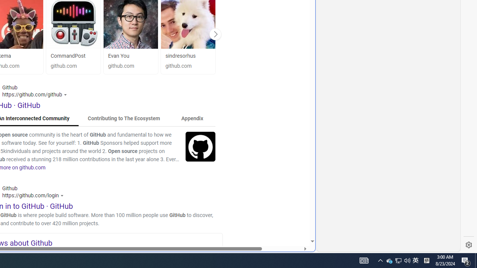 Image resolution: width=477 pixels, height=268 pixels. I want to click on 'Image', so click(200, 146).